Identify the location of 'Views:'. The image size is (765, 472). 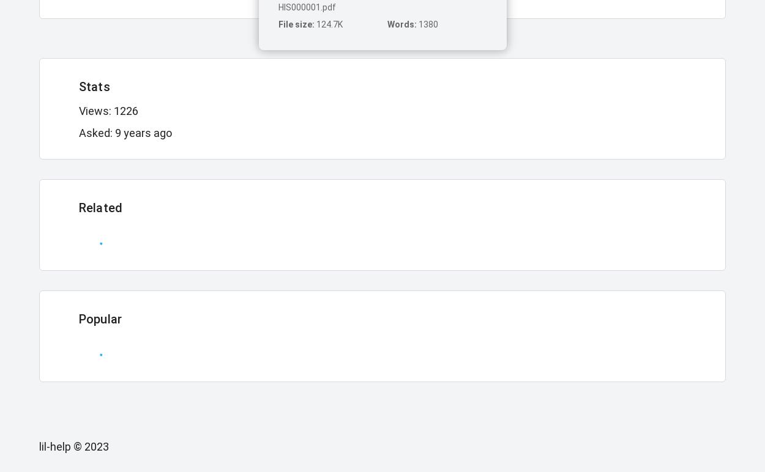
(96, 110).